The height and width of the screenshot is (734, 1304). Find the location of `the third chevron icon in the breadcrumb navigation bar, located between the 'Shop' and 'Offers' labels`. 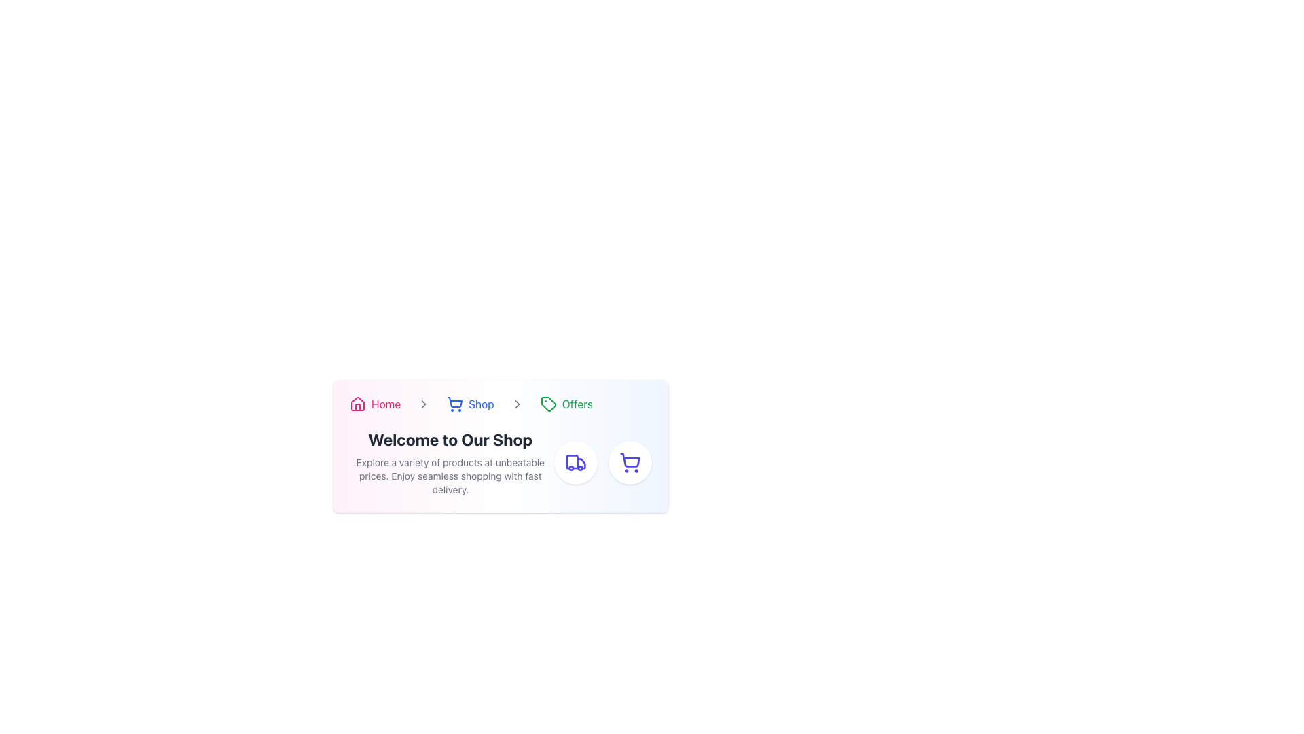

the third chevron icon in the breadcrumb navigation bar, located between the 'Shop' and 'Offers' labels is located at coordinates (516, 403).